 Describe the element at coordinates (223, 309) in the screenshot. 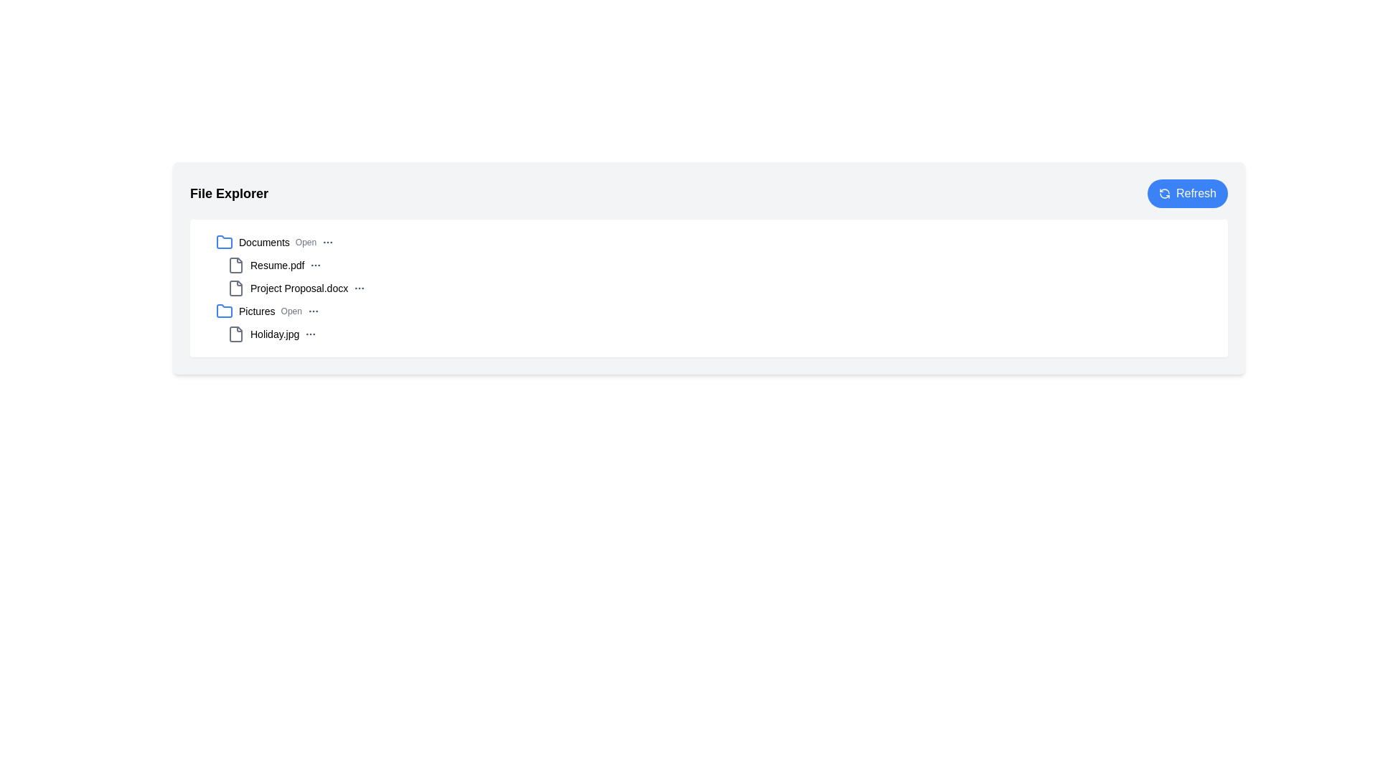

I see `the folder icon representing the 'Pictures' folder in the file explorer` at that location.